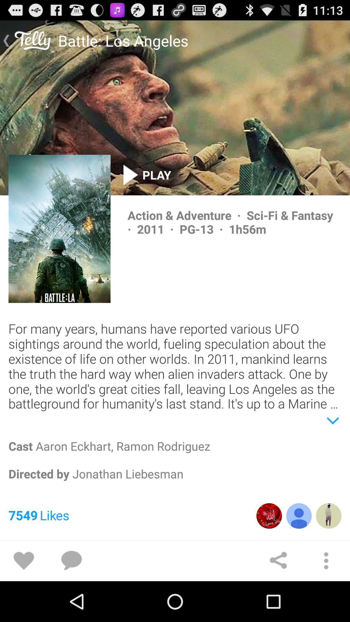 The width and height of the screenshot is (350, 622). I want to click on search option, so click(71, 560).